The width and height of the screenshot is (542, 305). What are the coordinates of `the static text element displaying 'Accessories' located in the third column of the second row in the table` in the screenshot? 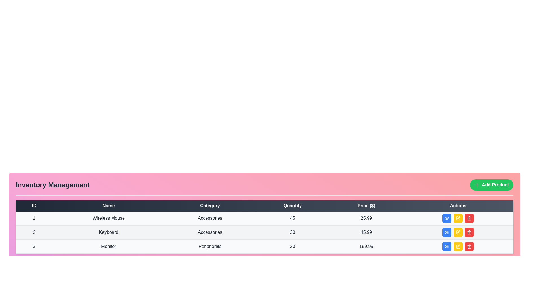 It's located at (210, 232).